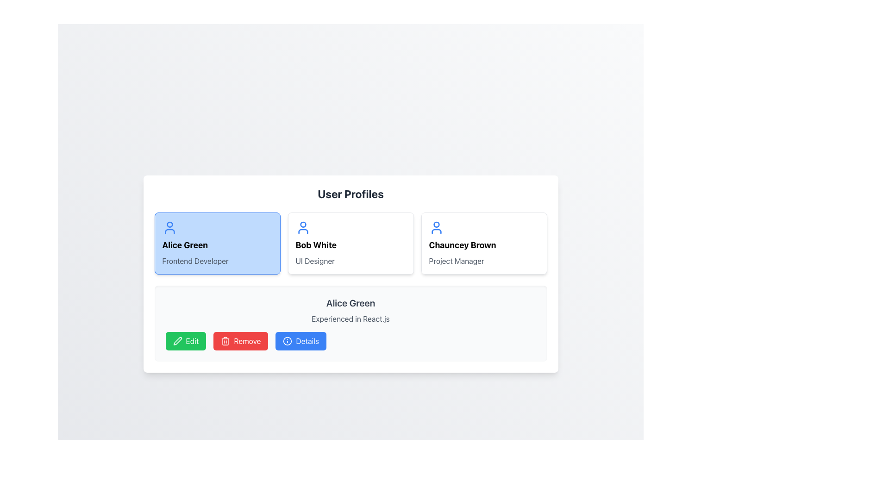  What do you see at coordinates (350, 319) in the screenshot?
I see `the text label that displays 'Experienced in React.js', which is positioned below 'Alice Green' and above the buttons 'Edit', 'Remove', and 'Details'` at bounding box center [350, 319].